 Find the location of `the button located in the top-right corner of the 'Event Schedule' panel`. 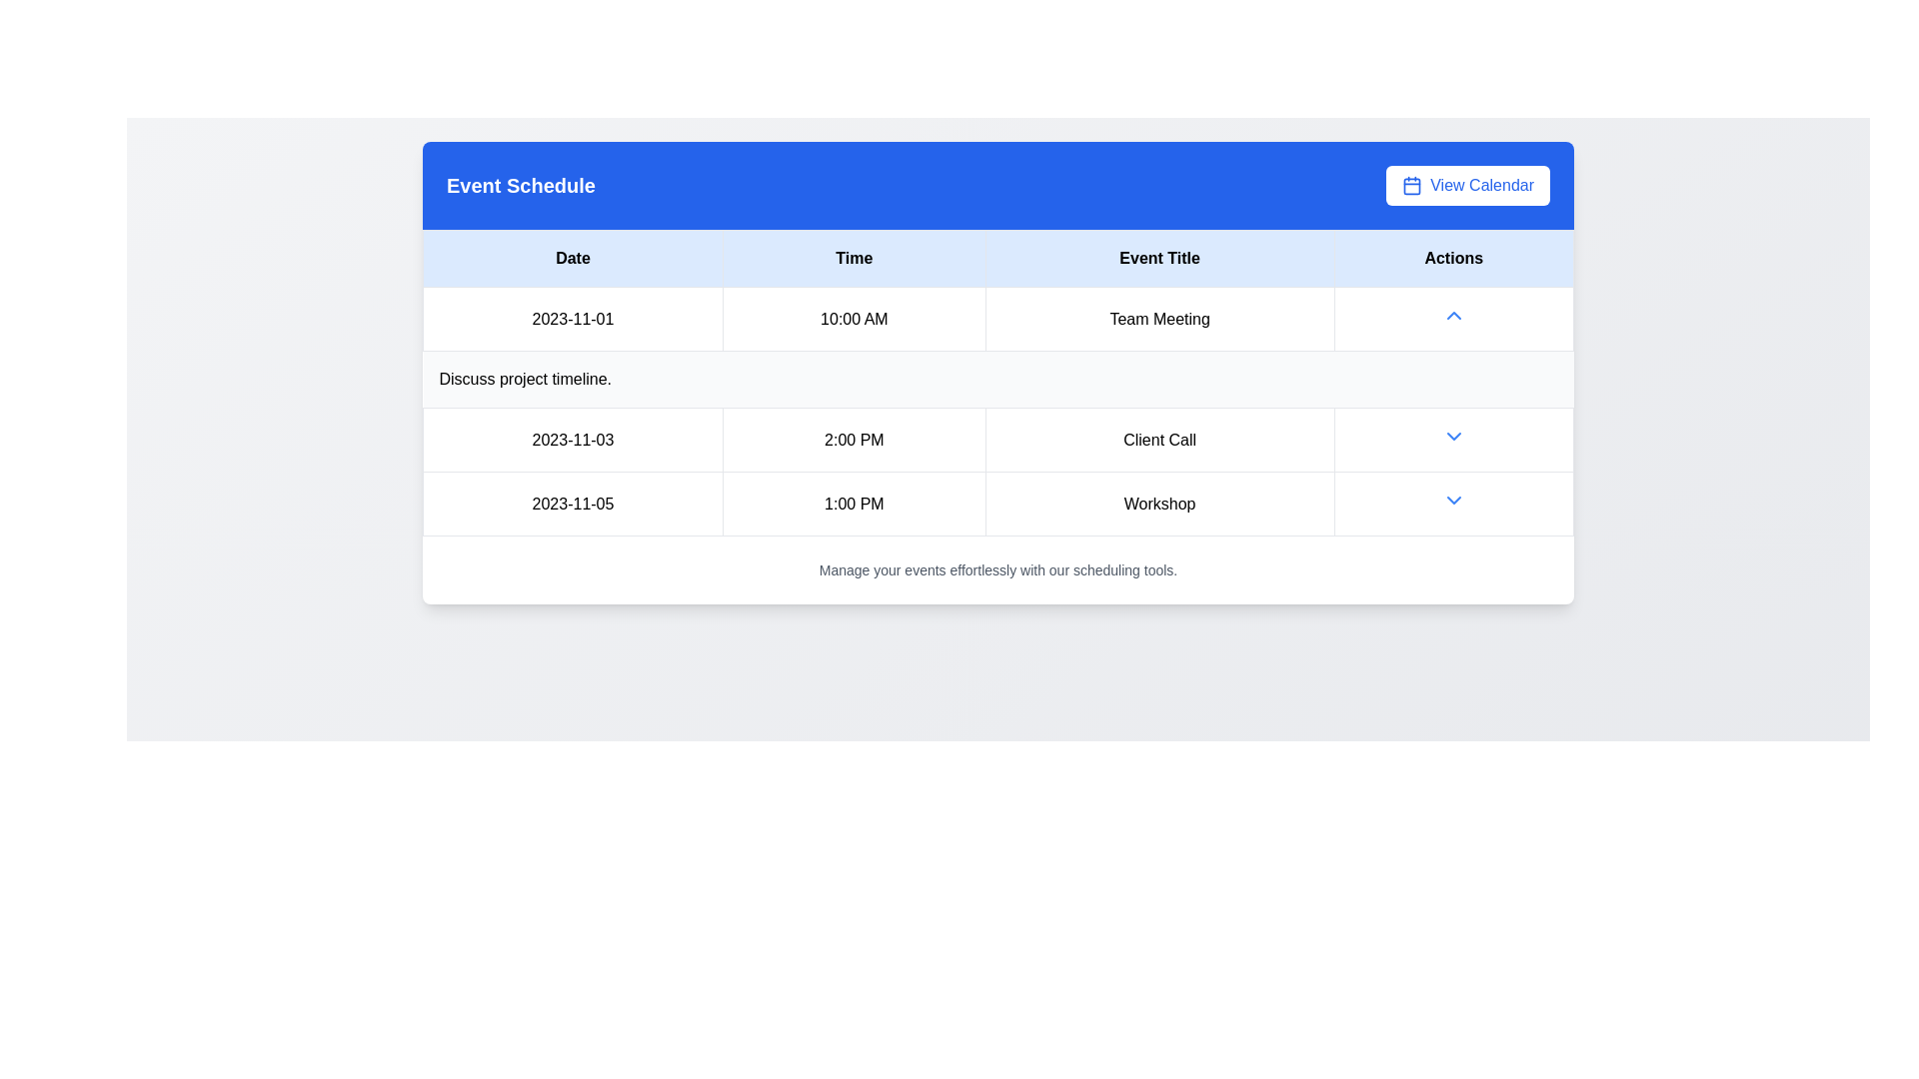

the button located in the top-right corner of the 'Event Schedule' panel is located at coordinates (1468, 185).